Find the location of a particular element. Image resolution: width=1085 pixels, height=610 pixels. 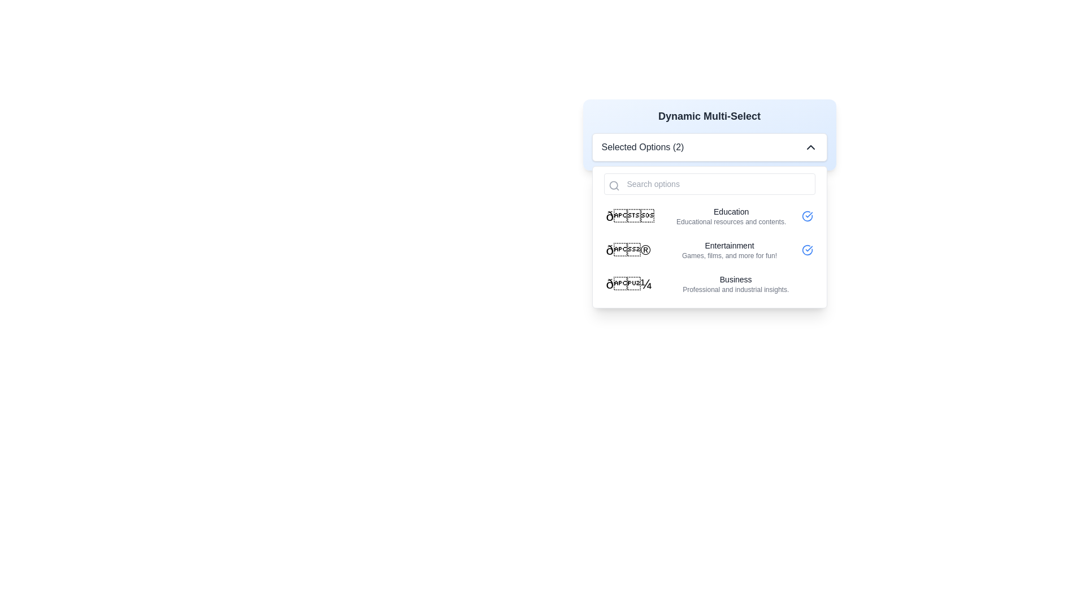

the third selectable option in the list for 'Business' topics is located at coordinates (709, 283).